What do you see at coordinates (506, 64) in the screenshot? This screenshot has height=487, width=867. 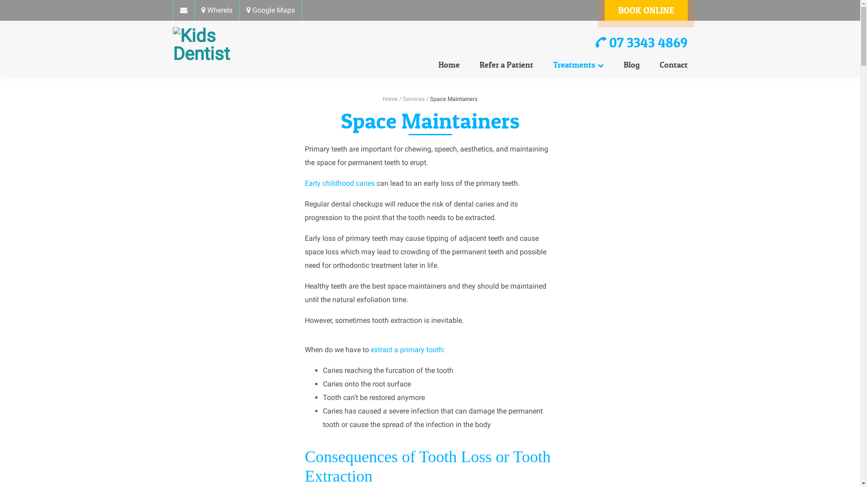 I see `'Refer a Patient'` at bounding box center [506, 64].